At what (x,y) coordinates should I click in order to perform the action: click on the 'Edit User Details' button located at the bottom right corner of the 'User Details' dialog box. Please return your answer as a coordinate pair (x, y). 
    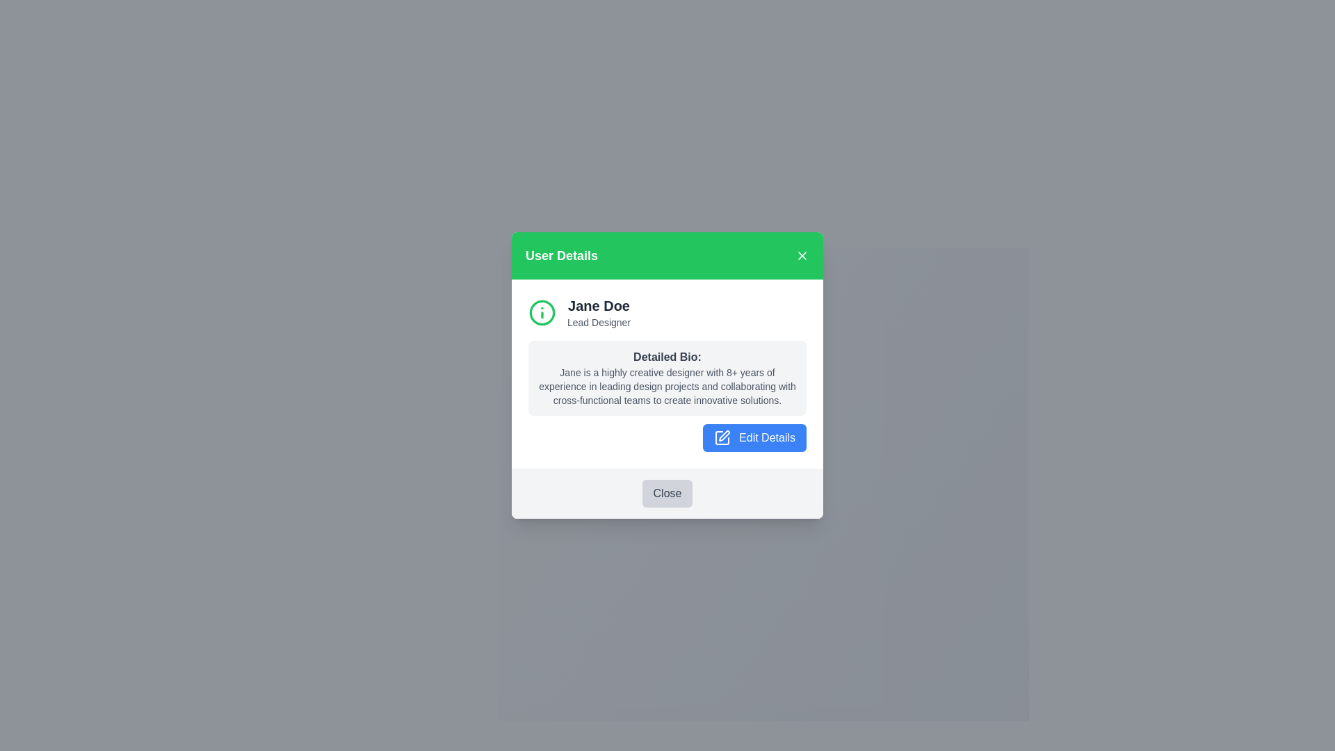
    Looking at the image, I should click on (754, 437).